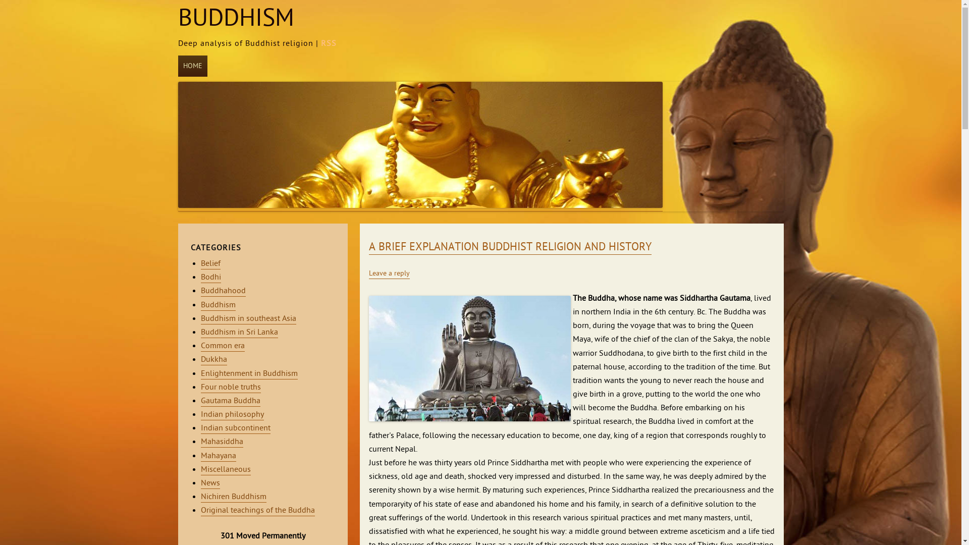 The width and height of the screenshot is (969, 545). What do you see at coordinates (201, 456) in the screenshot?
I see `'Mahayana'` at bounding box center [201, 456].